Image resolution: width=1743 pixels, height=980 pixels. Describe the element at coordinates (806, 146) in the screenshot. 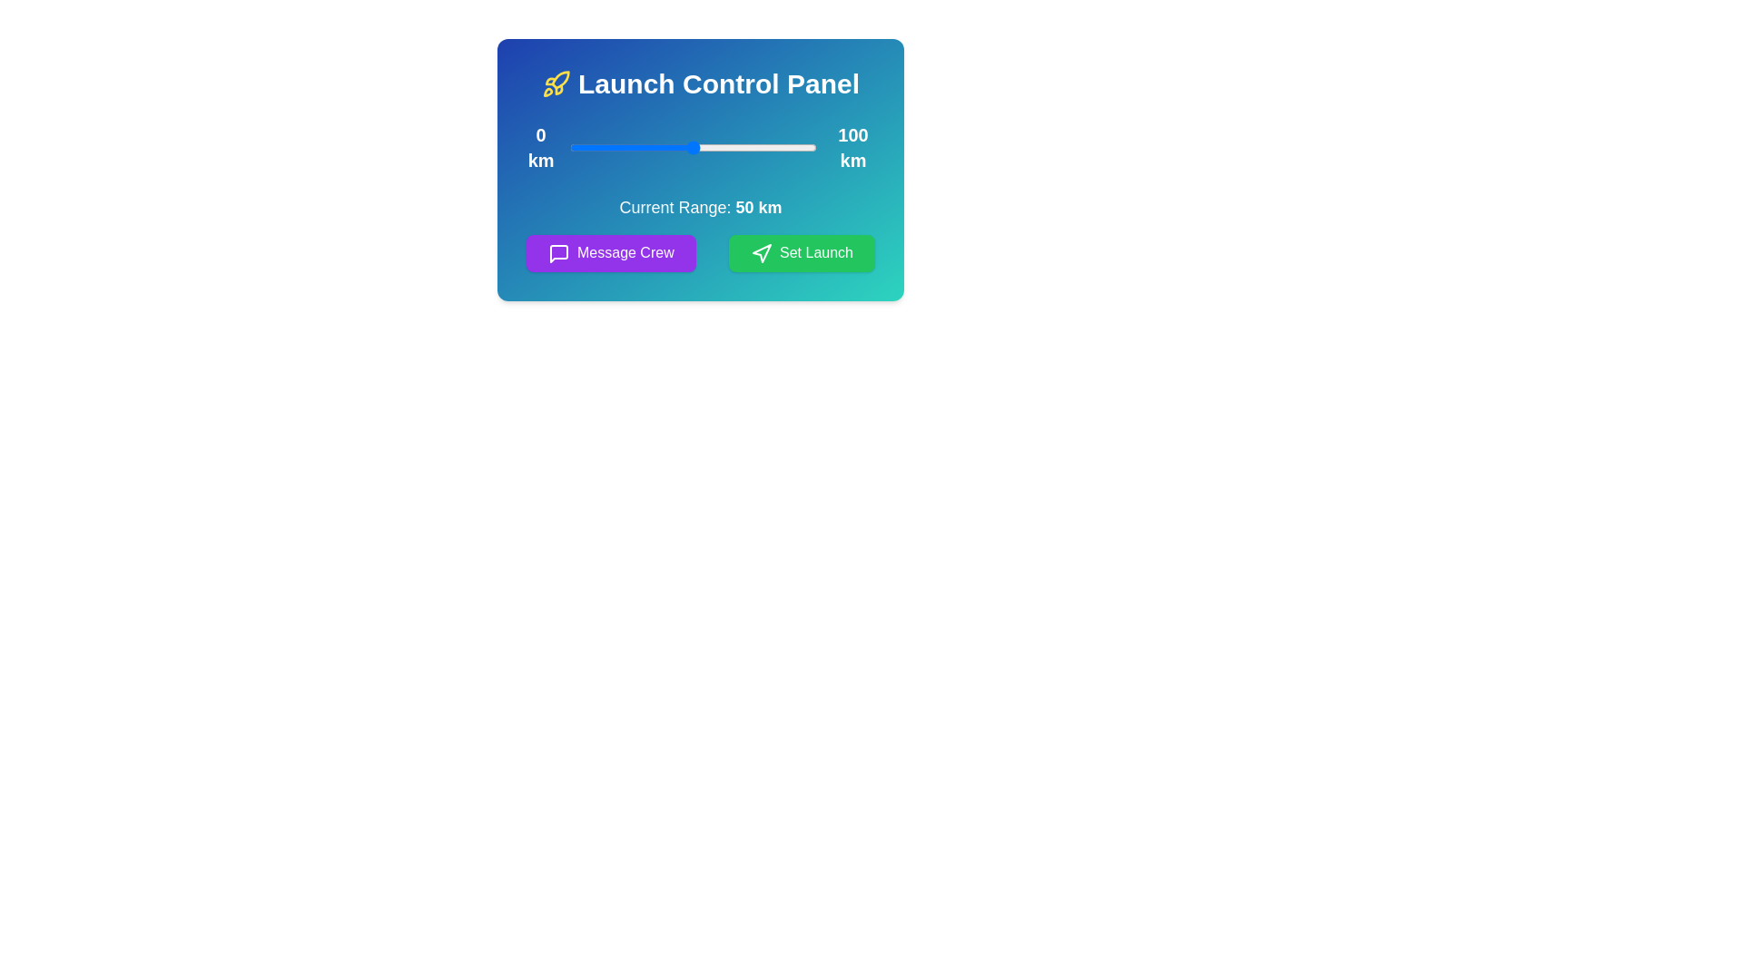

I see `the range slider to 96 km` at that location.